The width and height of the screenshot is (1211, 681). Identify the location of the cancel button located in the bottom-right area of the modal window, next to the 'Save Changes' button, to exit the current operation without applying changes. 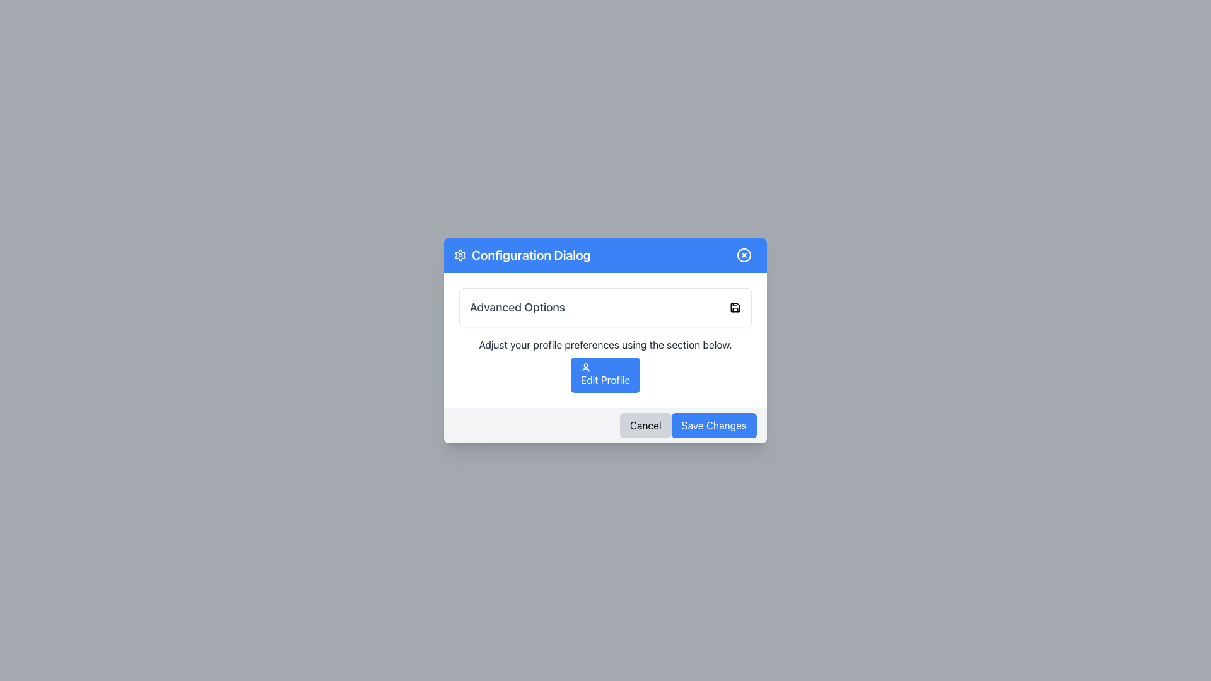
(645, 426).